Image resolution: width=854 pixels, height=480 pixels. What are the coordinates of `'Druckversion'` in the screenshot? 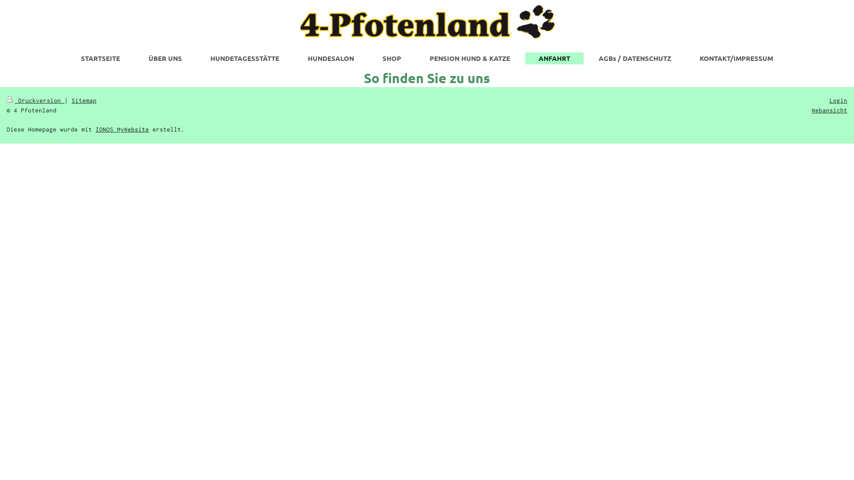 It's located at (36, 100).